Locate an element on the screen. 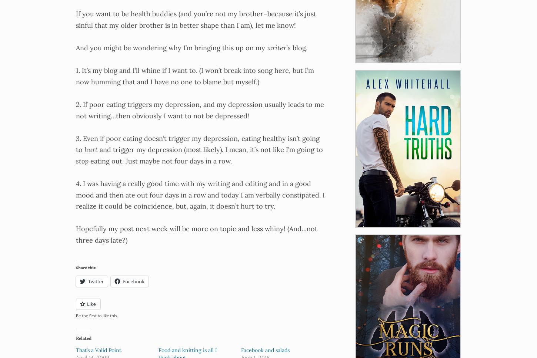  'hurt' is located at coordinates (91, 149).